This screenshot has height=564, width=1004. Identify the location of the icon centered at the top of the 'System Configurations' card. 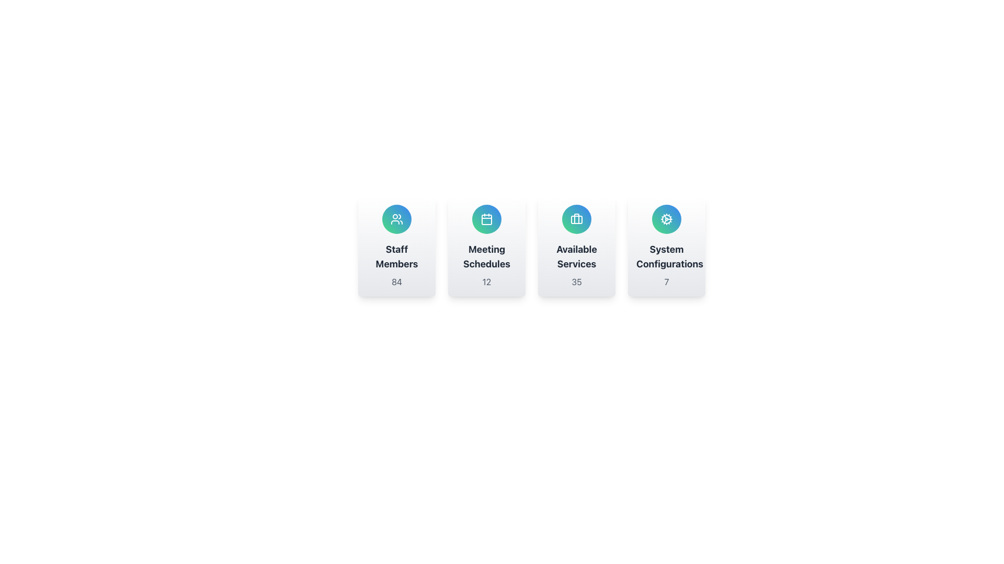
(666, 219).